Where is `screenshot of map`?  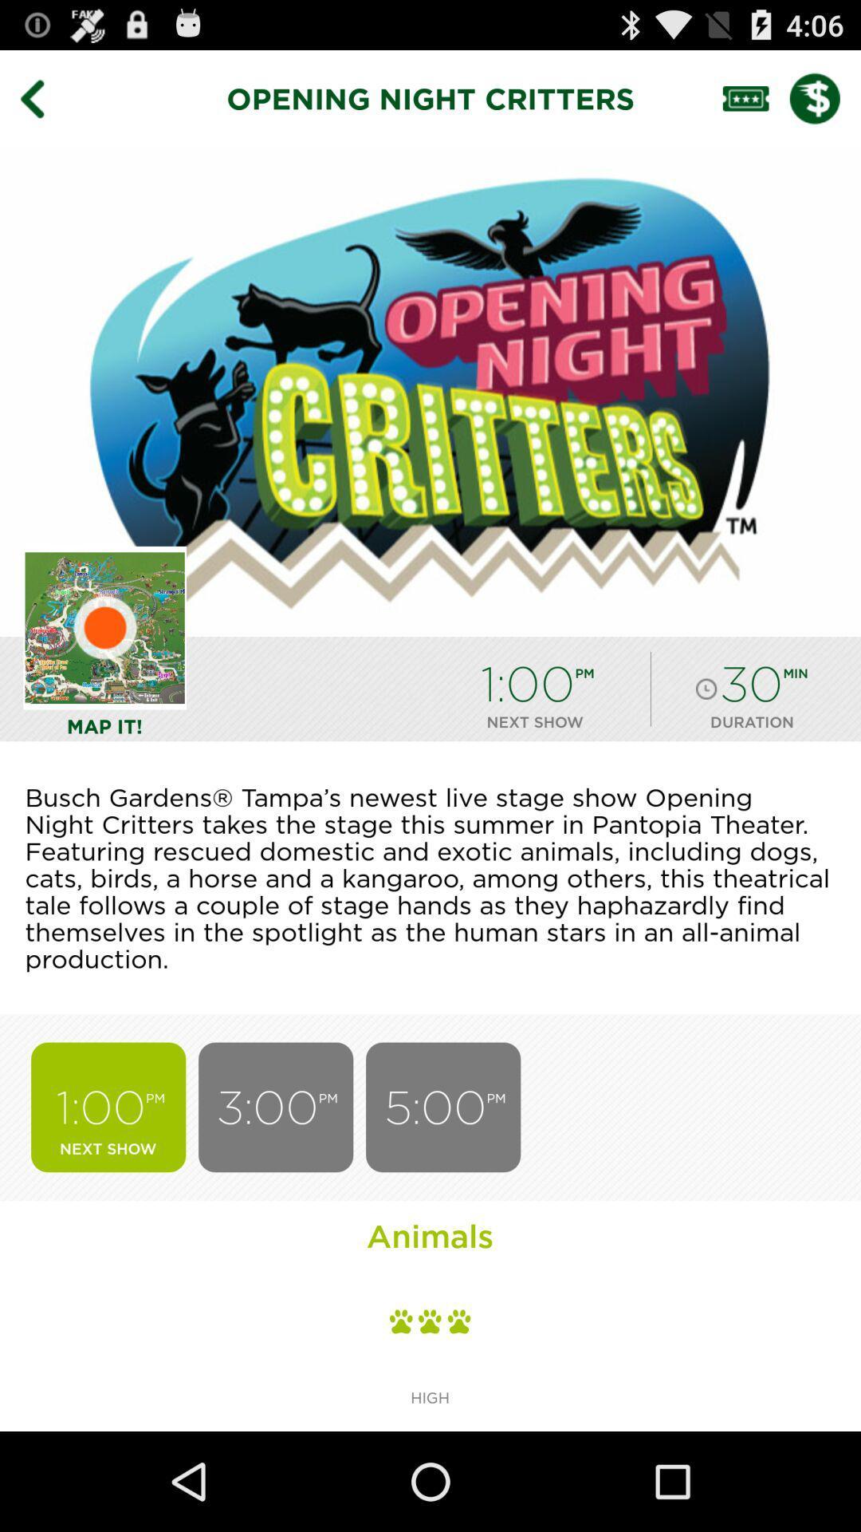
screenshot of map is located at coordinates (104, 627).